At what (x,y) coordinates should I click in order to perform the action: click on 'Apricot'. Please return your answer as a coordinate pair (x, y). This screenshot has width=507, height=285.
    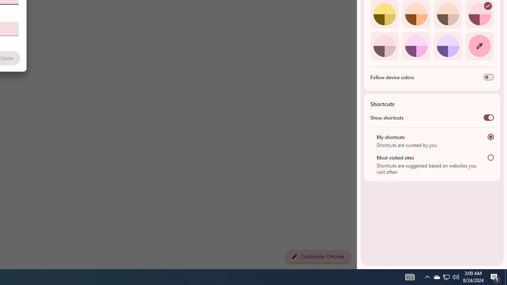
    Looking at the image, I should click on (448, 14).